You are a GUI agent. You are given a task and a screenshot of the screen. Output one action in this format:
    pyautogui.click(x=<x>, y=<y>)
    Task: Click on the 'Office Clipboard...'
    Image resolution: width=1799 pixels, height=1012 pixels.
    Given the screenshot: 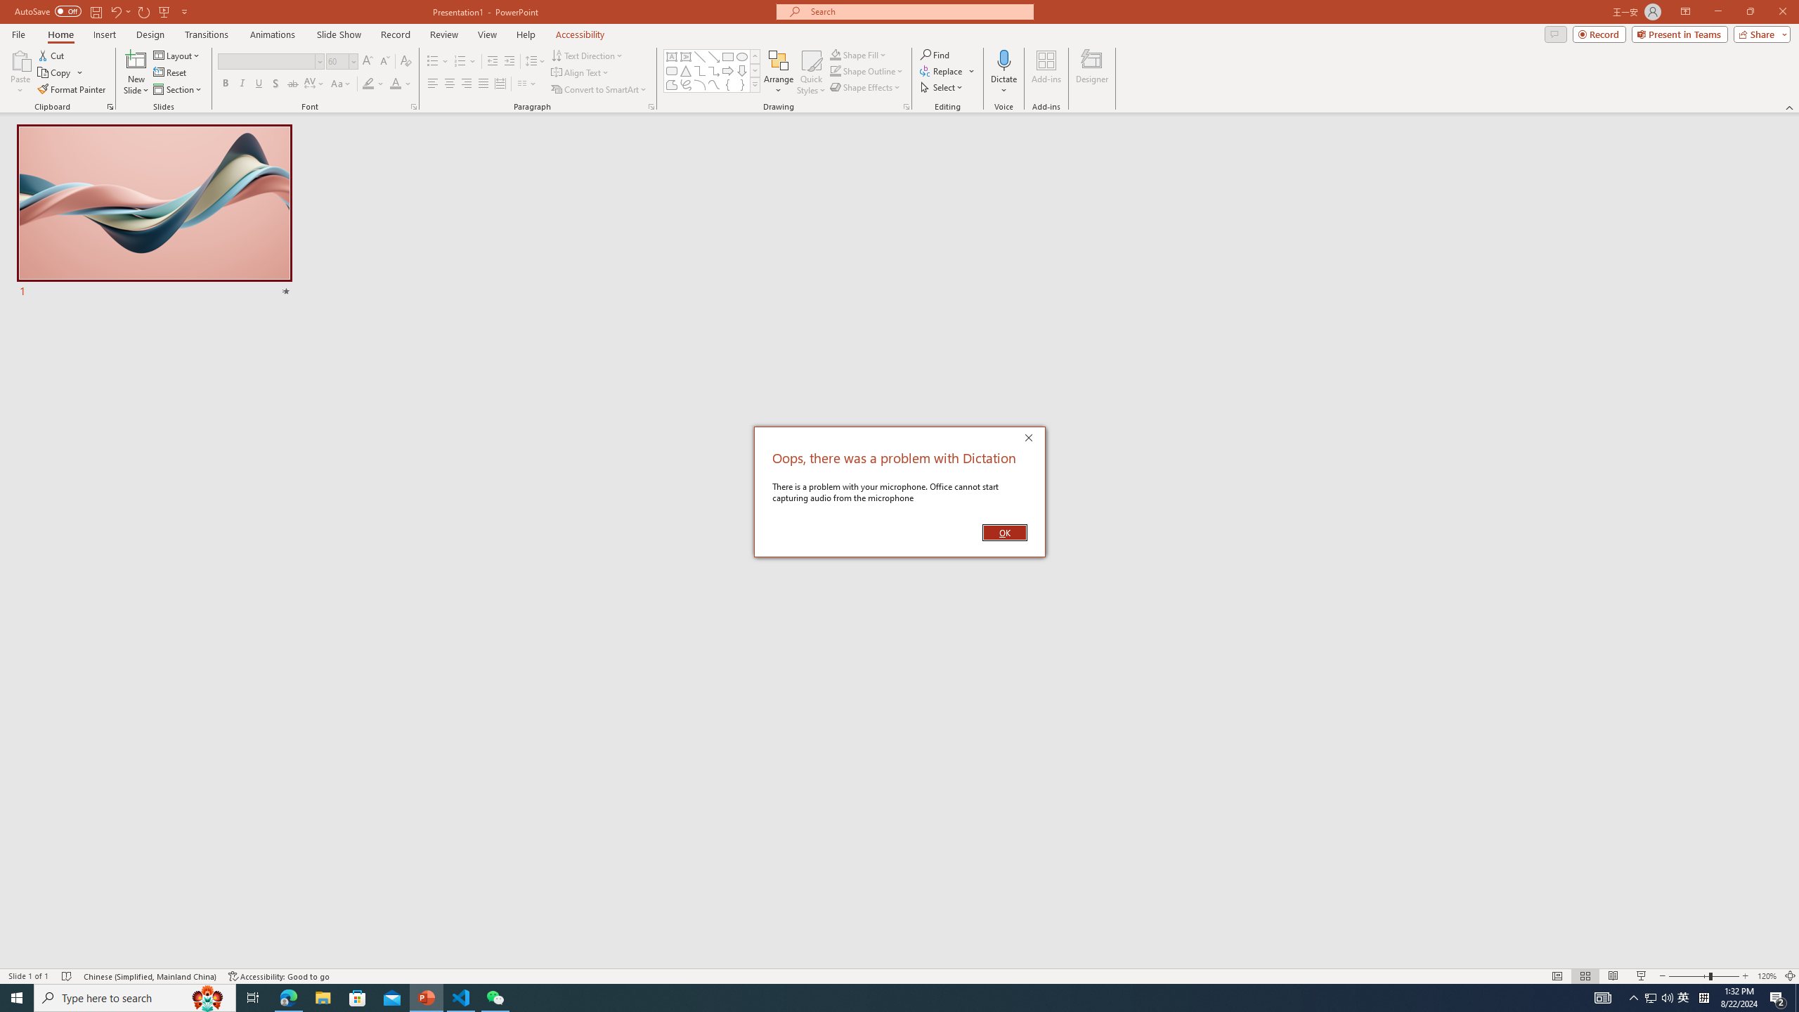 What is the action you would take?
    pyautogui.click(x=109, y=105)
    